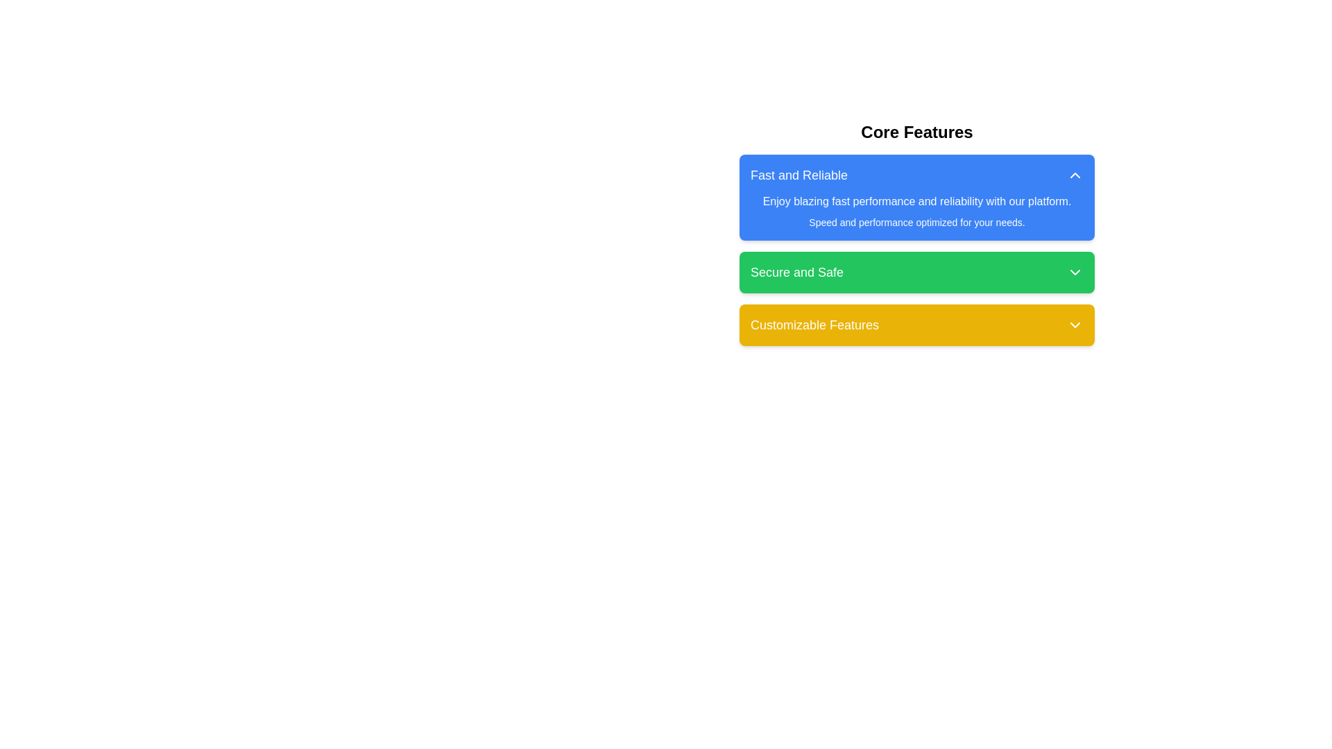 Image resolution: width=1332 pixels, height=749 pixels. Describe the element at coordinates (916, 221) in the screenshot. I see `the text element displaying 'Speed and performance optimized for your needs.' located in the blue section under the 'Fast and Reliable' title` at that location.